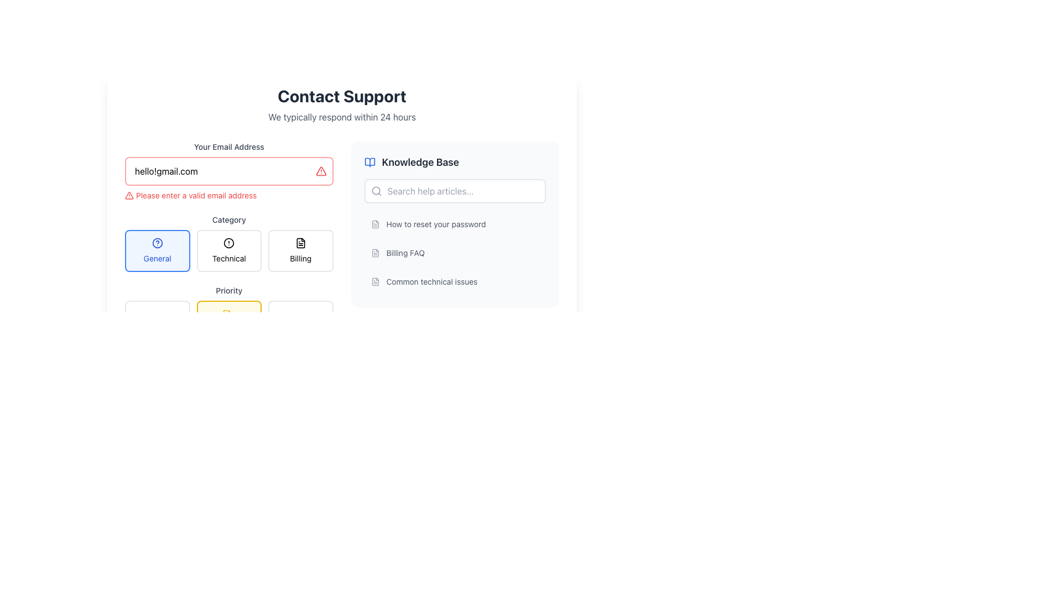  Describe the element at coordinates (228, 242) in the screenshot. I see `the 'Technical' button, which is the middle option under the 'Category' label` at that location.